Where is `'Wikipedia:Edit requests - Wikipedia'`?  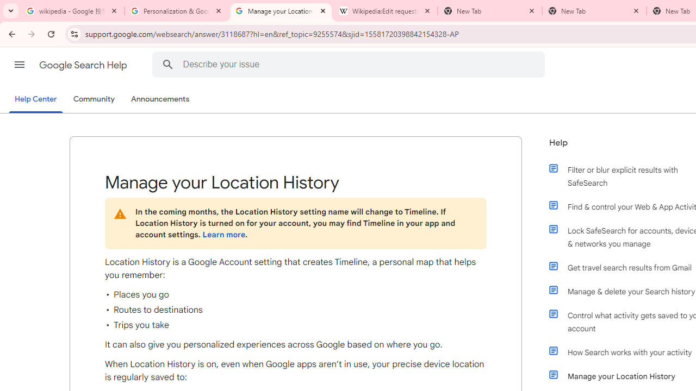 'Wikipedia:Edit requests - Wikipedia' is located at coordinates (386, 11).